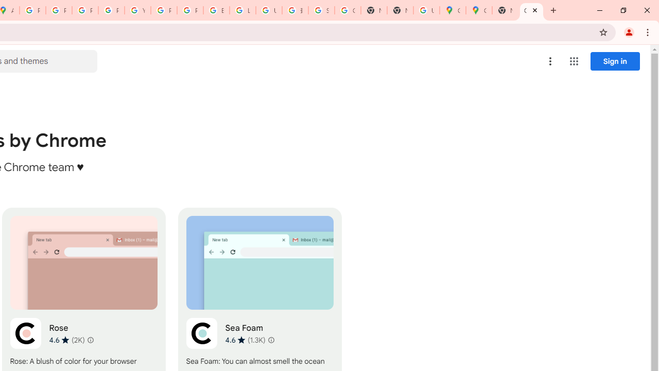 This screenshot has height=371, width=659. Describe the element at coordinates (550, 61) in the screenshot. I see `'More options menu'` at that location.